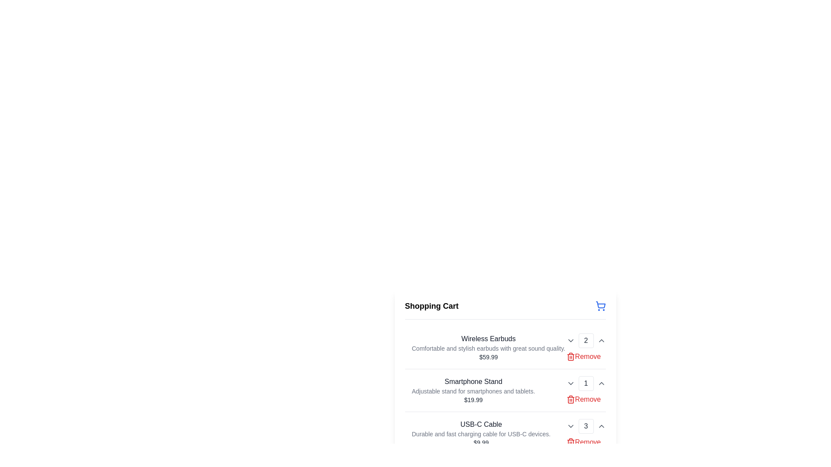  What do you see at coordinates (586, 347) in the screenshot?
I see `the decrement arrow button of the Quantity Selector (Spinner) displaying '2' located in the right section of the 'Wireless Earbuds' item entry in the shopping cart` at bounding box center [586, 347].